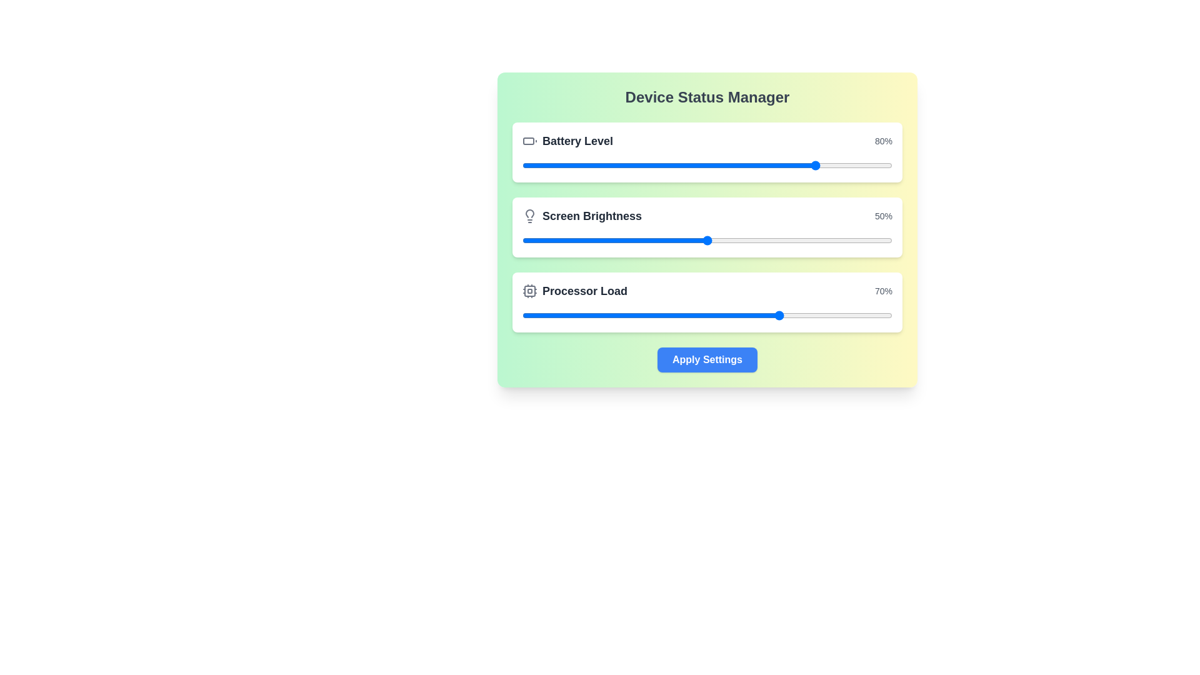  What do you see at coordinates (530, 291) in the screenshot?
I see `the processor load icon located to the left of the 'Processor Load' text label in the third section of the interface` at bounding box center [530, 291].